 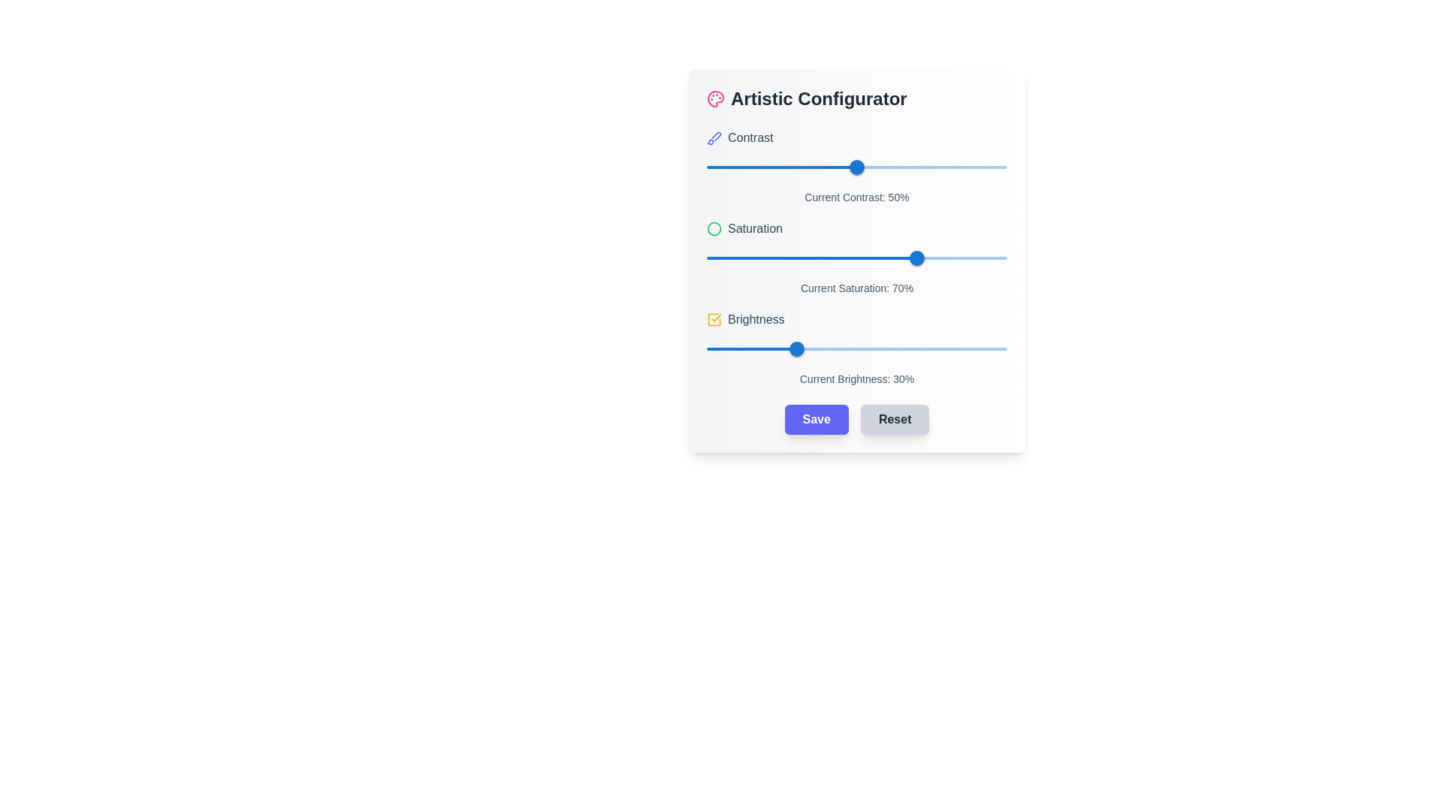 I want to click on the contrast level, so click(x=857, y=167).